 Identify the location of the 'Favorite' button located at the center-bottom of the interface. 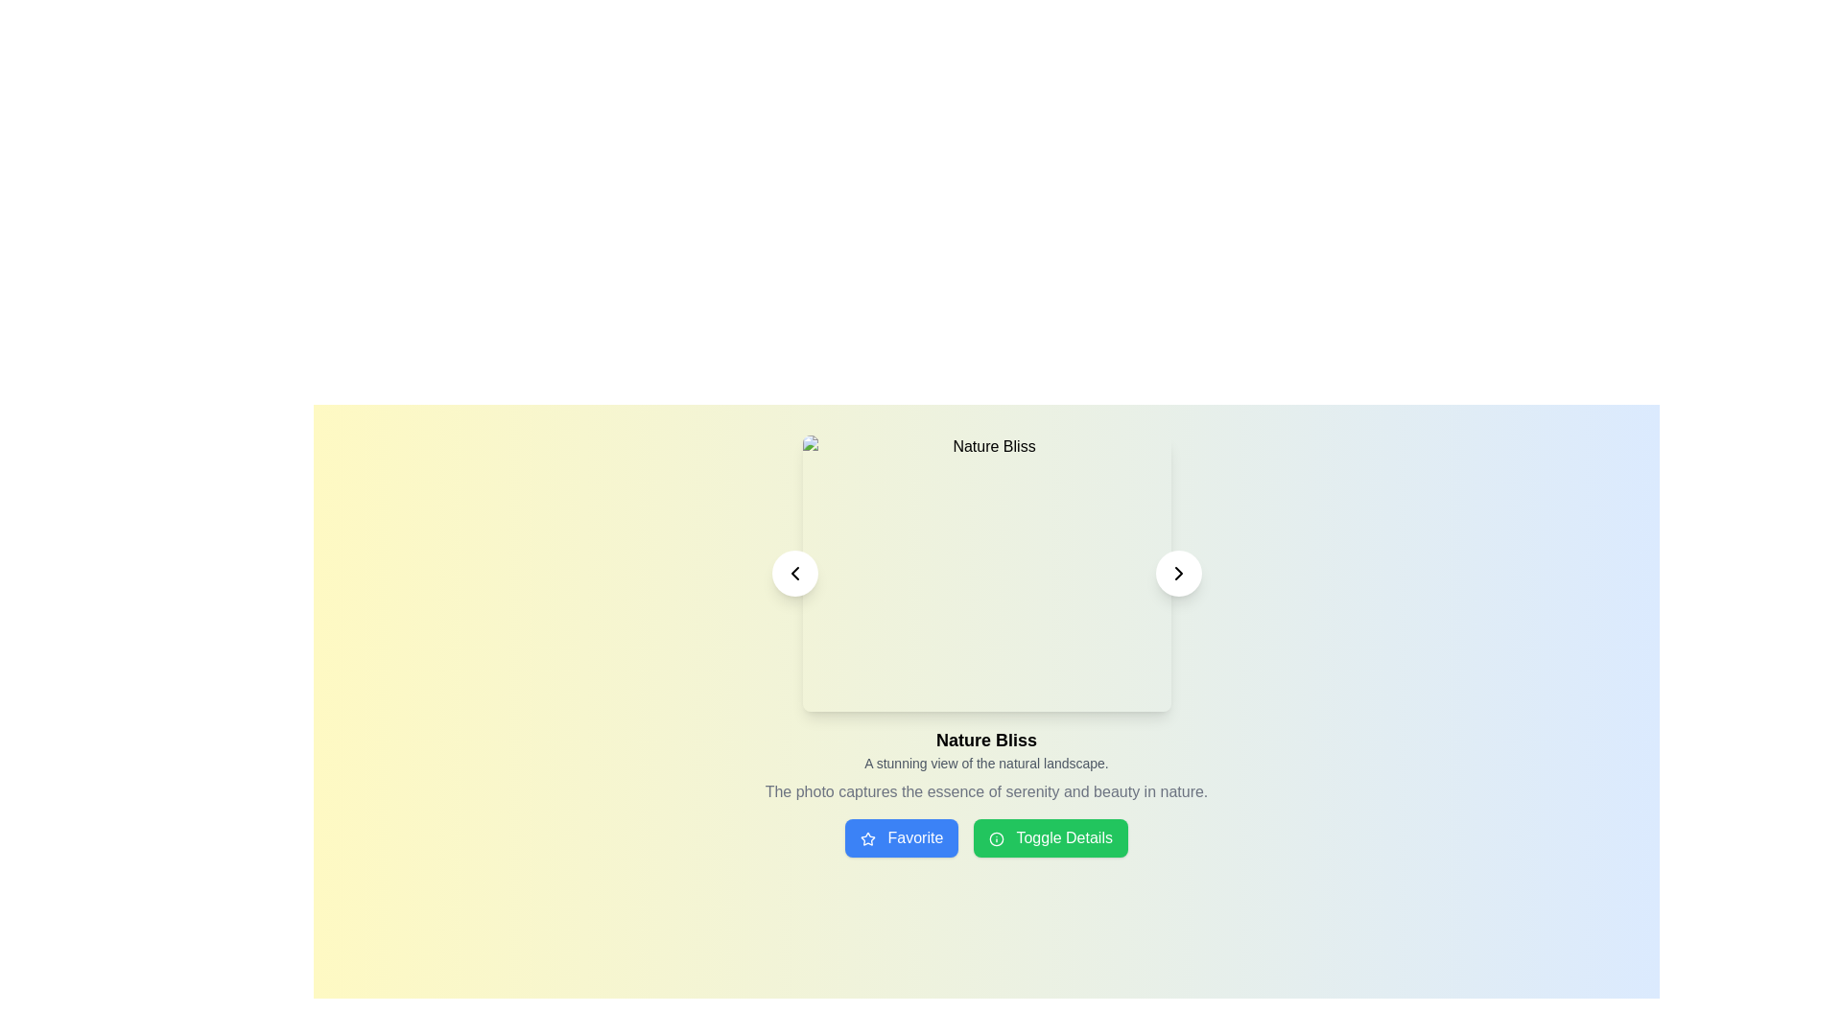
(901, 837).